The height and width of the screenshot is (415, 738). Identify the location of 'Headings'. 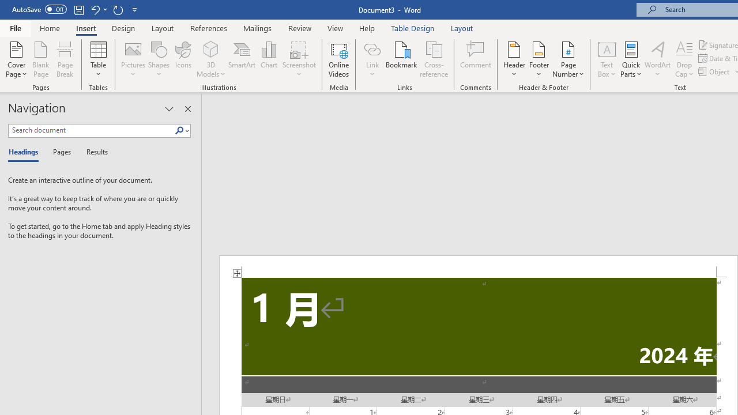
(26, 152).